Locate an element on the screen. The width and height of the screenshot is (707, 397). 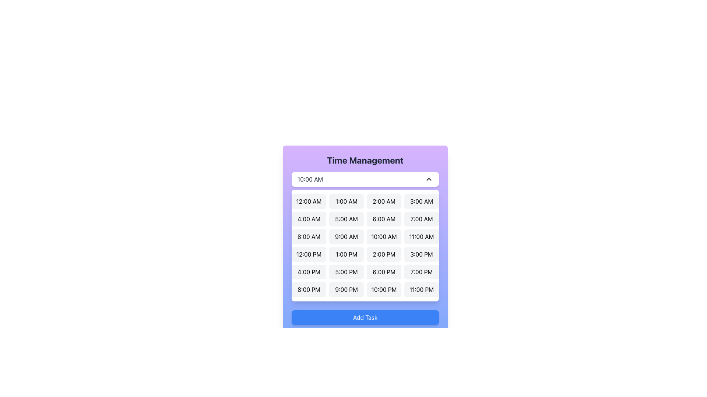
the rectangular button labeled '3:00 AM' with rounded corners is located at coordinates (422, 201).